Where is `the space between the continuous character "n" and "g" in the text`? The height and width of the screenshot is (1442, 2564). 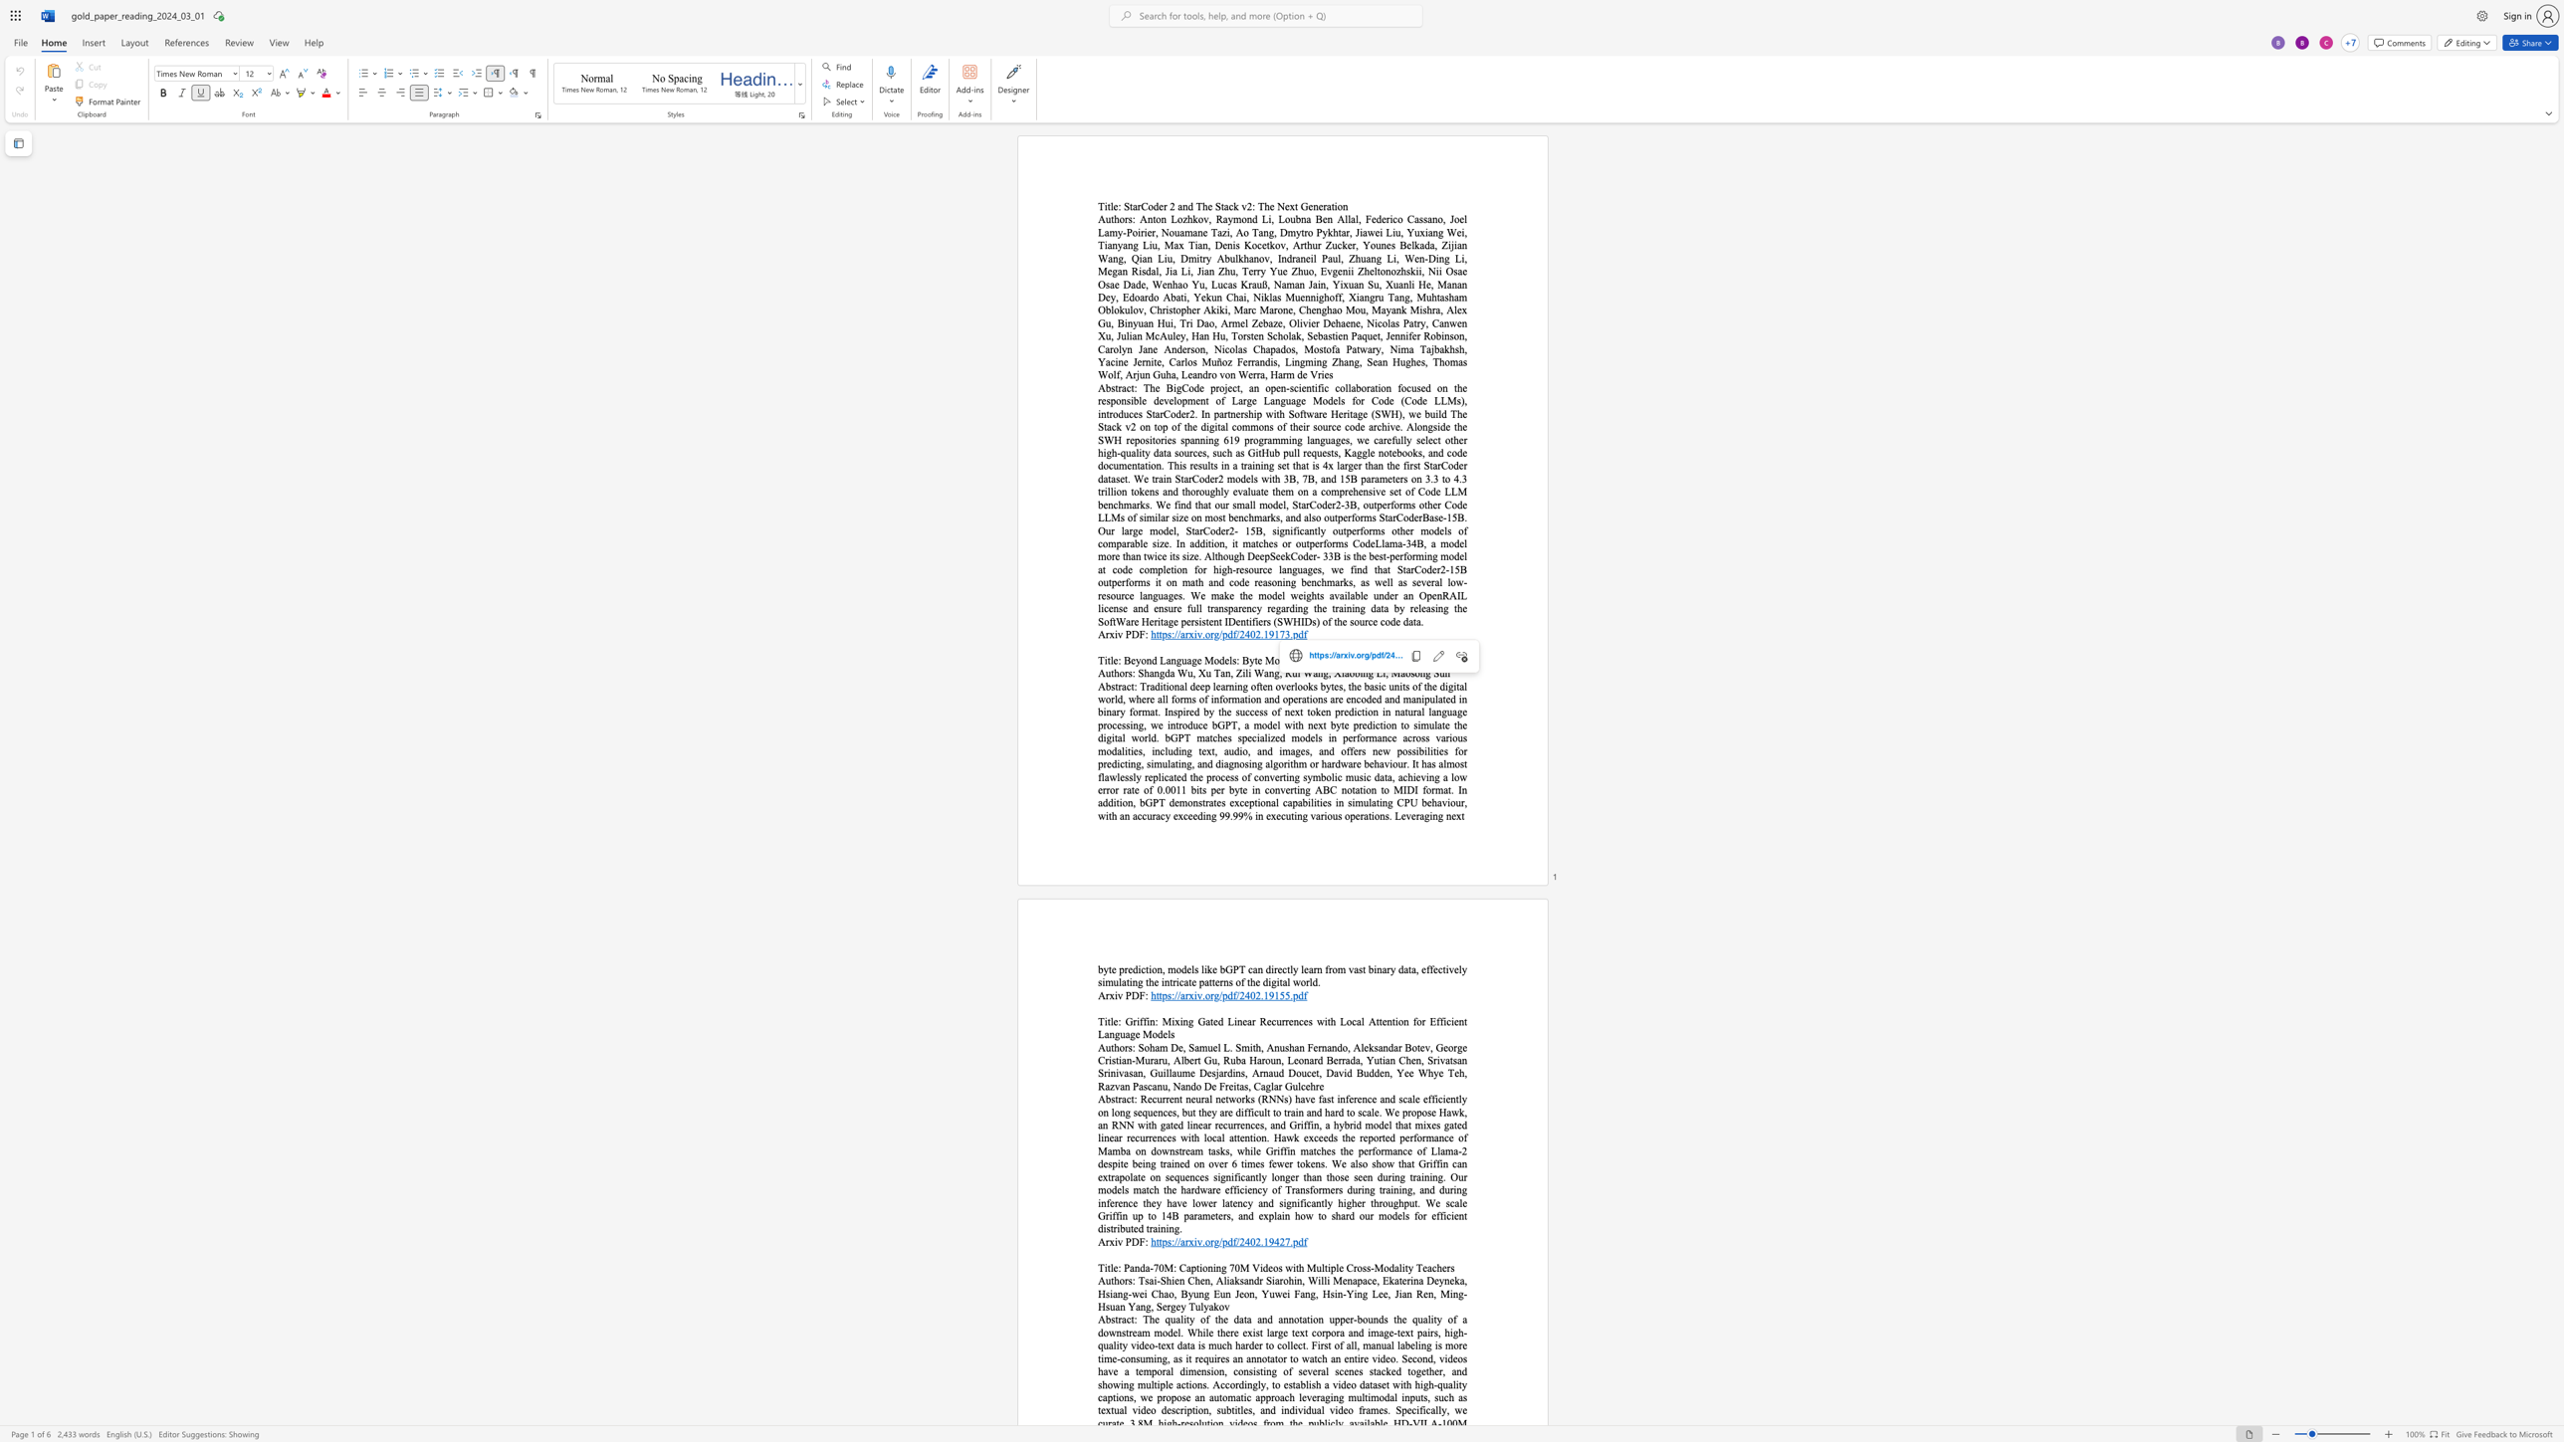 the space between the continuous character "n" and "g" in the text is located at coordinates (1159, 673).